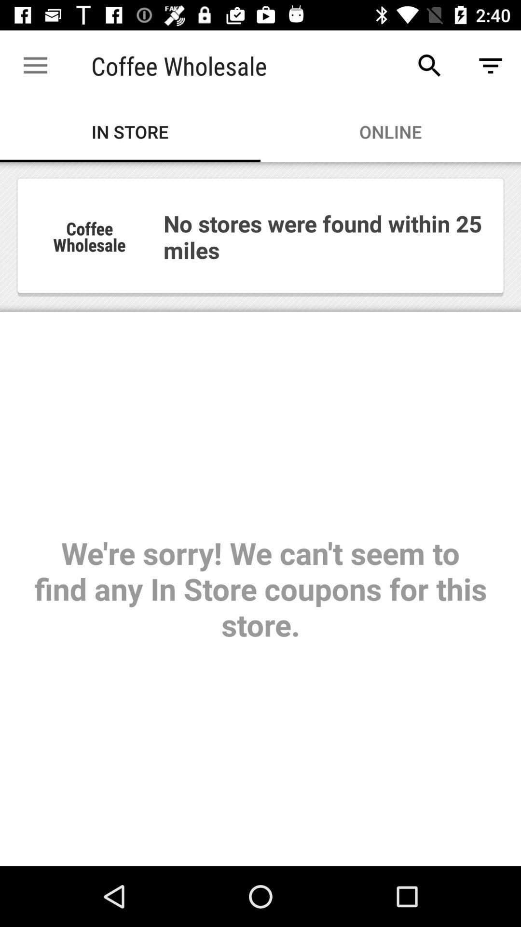 This screenshot has height=927, width=521. I want to click on item below the in store item, so click(260, 514).